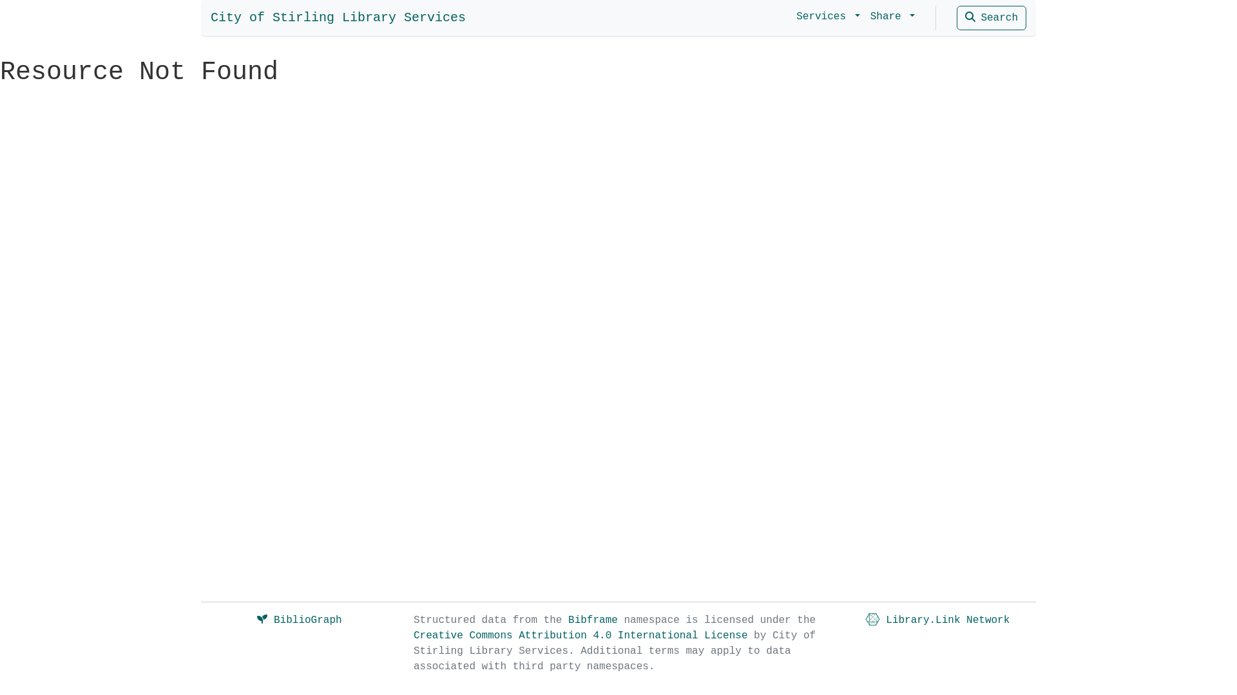 The height and width of the screenshot is (695, 1237). What do you see at coordinates (828, 17) in the screenshot?
I see `'Services'` at bounding box center [828, 17].